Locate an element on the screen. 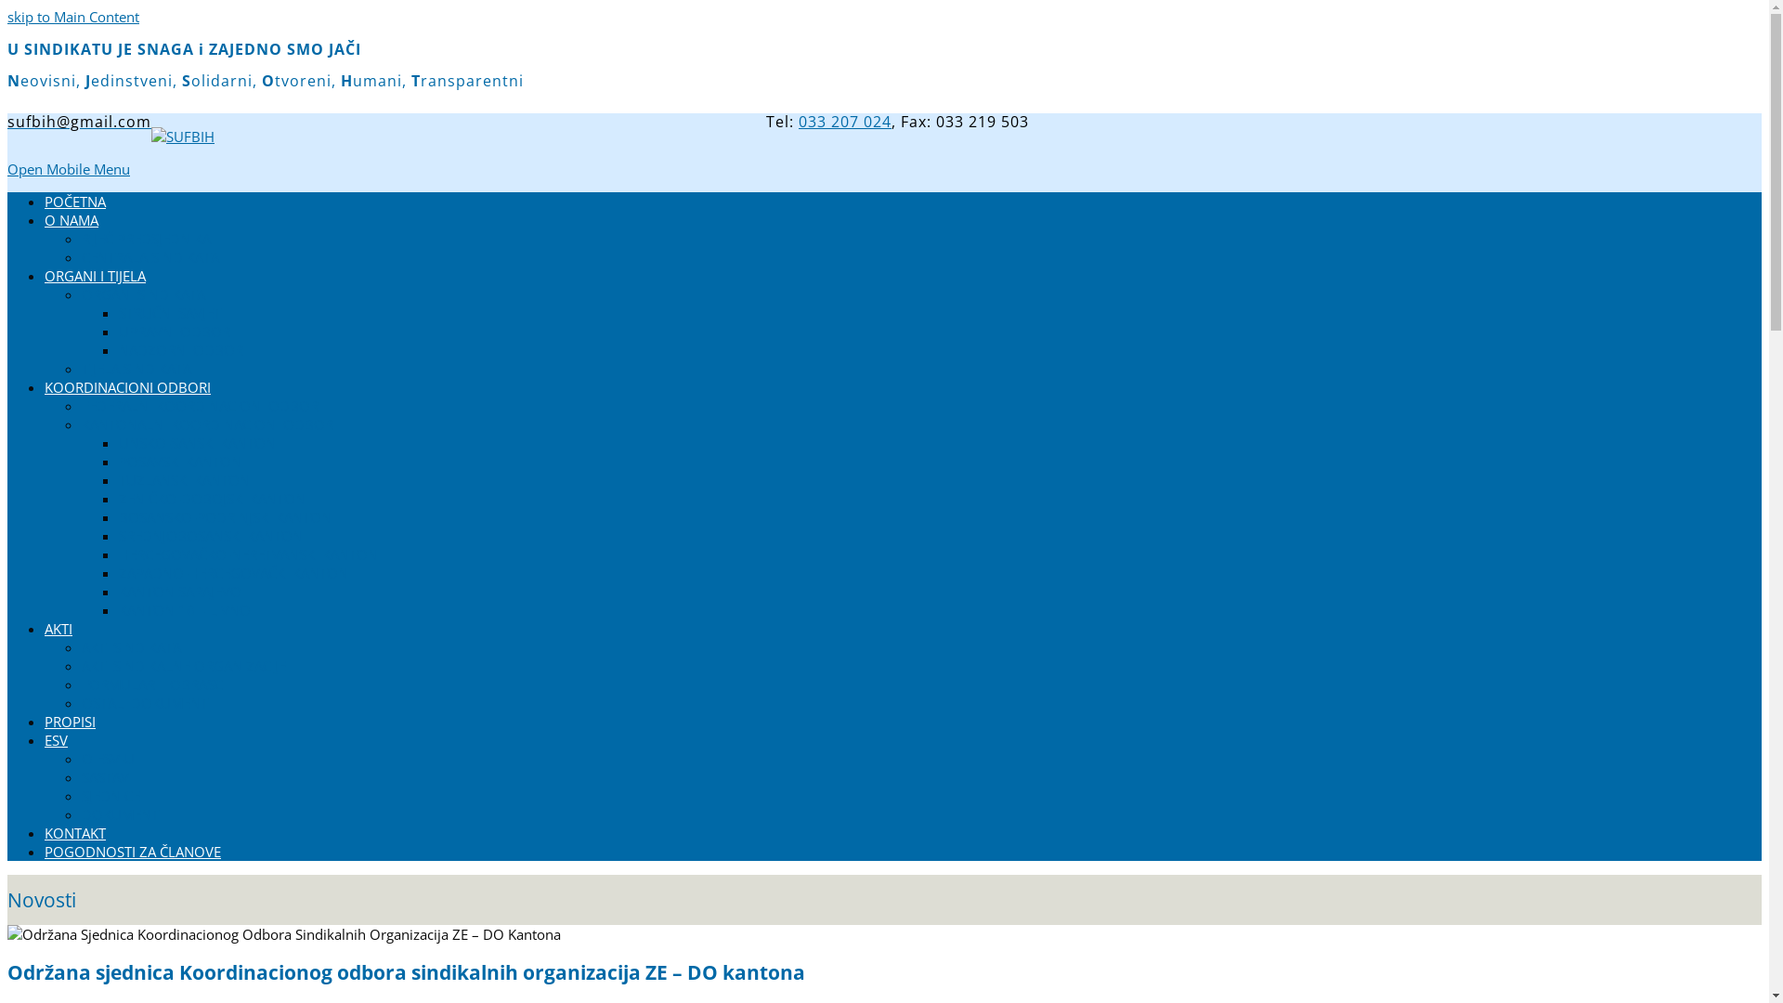 This screenshot has height=1003, width=1783. 'OSTALI DOKUMENTI' is located at coordinates (146, 702).